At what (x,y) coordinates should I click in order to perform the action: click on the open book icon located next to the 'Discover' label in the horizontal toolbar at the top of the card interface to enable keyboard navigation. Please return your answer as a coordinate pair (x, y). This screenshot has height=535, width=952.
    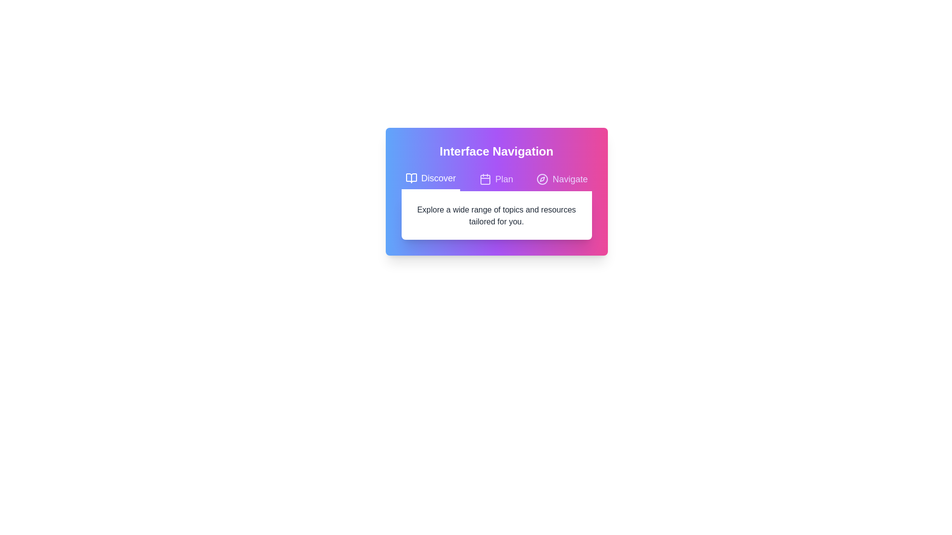
    Looking at the image, I should click on (411, 177).